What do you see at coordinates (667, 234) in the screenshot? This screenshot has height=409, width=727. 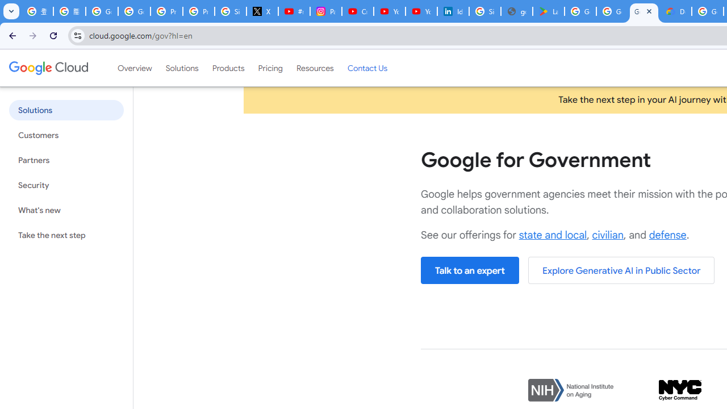 I see `'defense'` at bounding box center [667, 234].